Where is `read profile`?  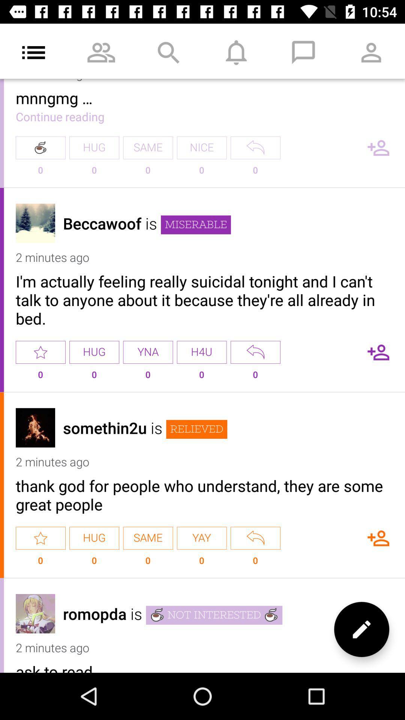 read profile is located at coordinates (35, 613).